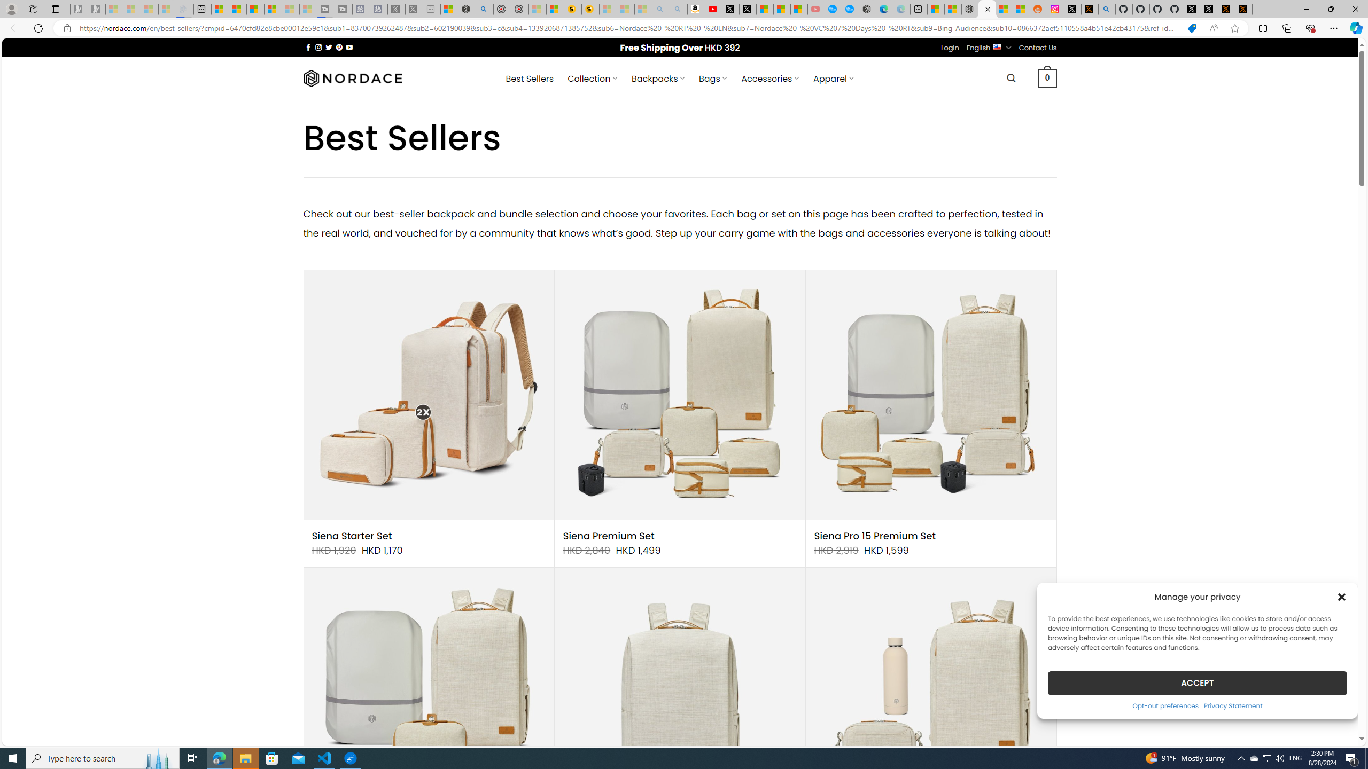 The image size is (1368, 769). I want to click on 'Class: cmplz-close', so click(1342, 597).